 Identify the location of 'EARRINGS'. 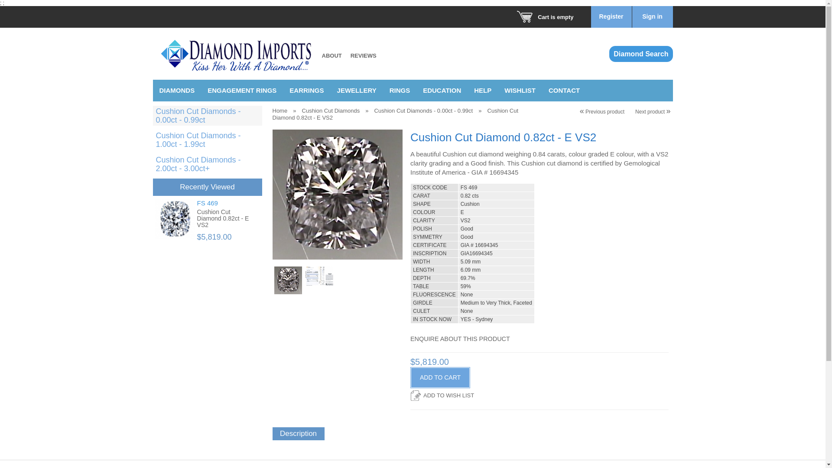
(283, 90).